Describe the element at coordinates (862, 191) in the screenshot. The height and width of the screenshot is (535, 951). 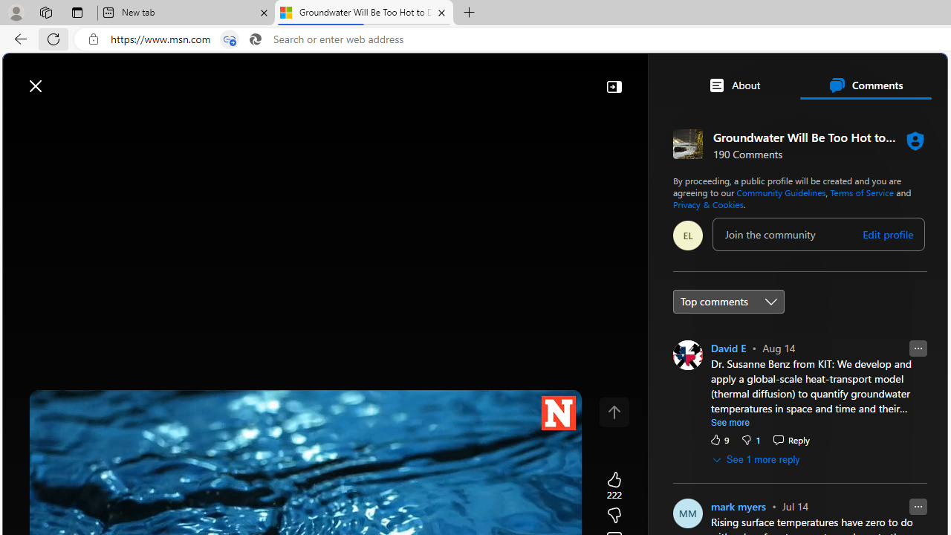
I see `'Terms of Service'` at that location.